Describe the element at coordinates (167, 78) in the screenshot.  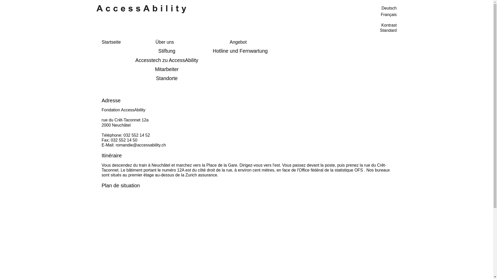
I see `'Standorte'` at that location.